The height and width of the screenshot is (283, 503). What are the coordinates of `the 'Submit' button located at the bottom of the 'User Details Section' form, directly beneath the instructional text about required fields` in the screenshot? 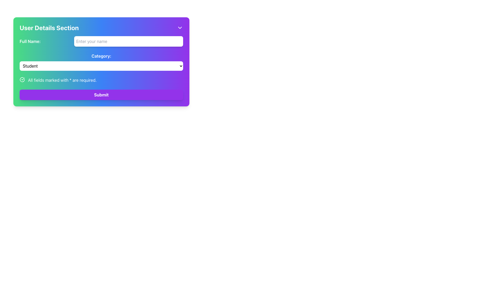 It's located at (101, 95).